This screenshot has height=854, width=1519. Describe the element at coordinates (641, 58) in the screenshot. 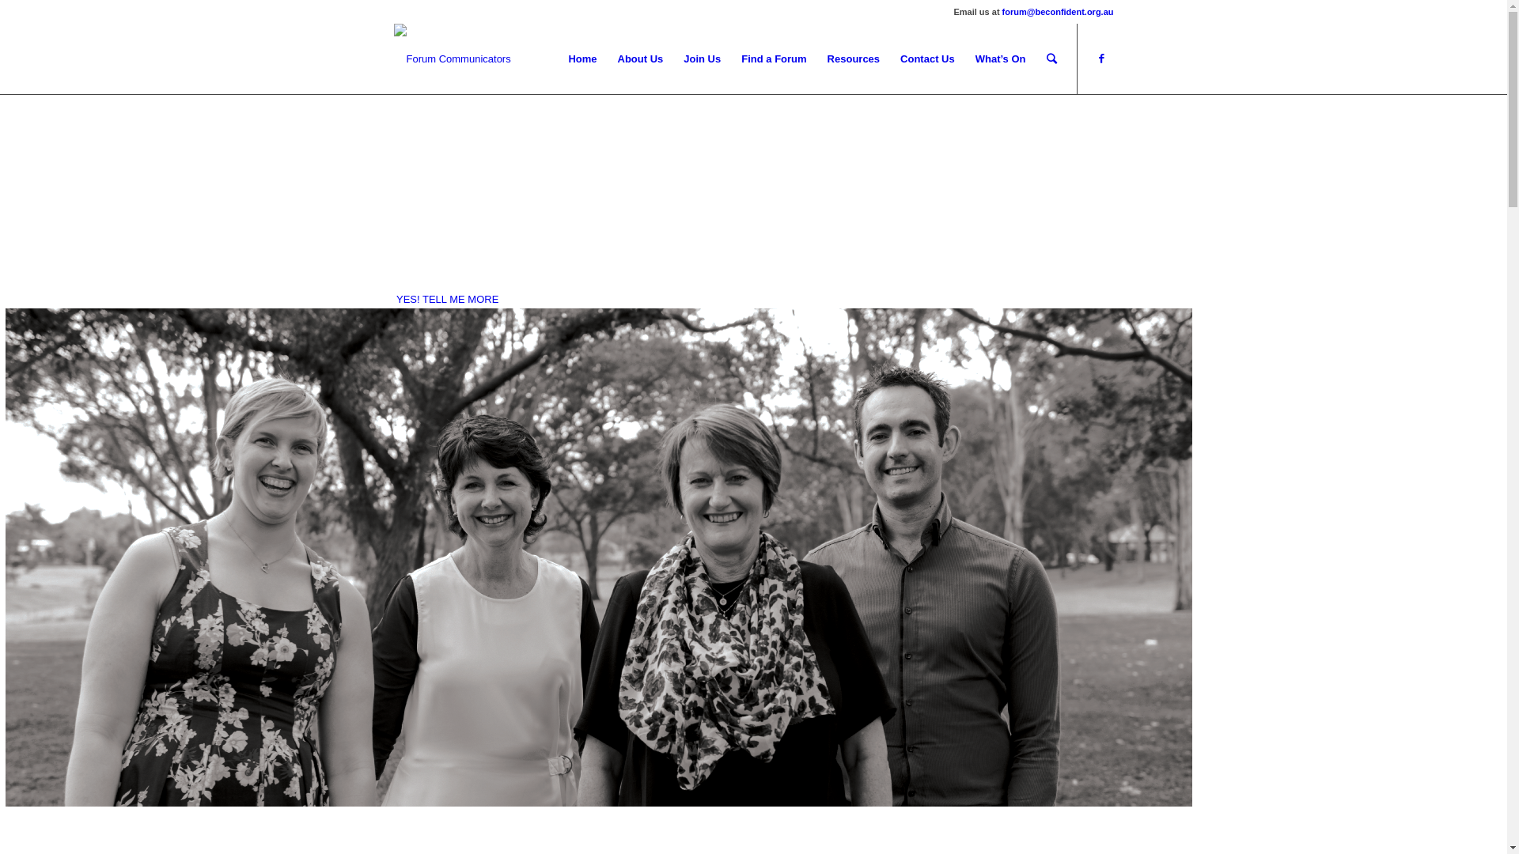

I see `'About Us'` at that location.